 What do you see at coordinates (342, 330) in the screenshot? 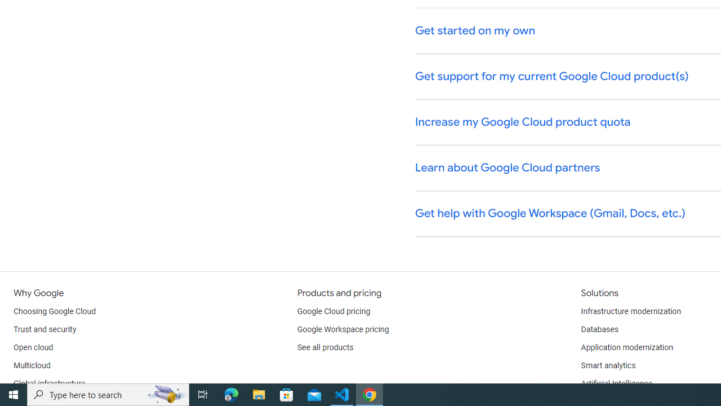
I see `'Google Workspace pricing'` at bounding box center [342, 330].